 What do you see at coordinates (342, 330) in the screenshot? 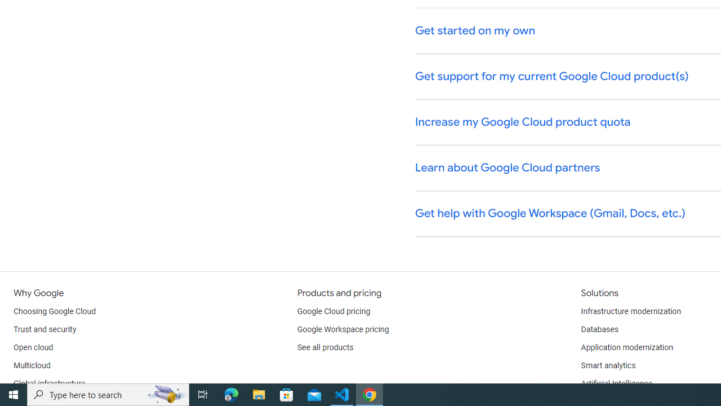
I see `'Google Workspace pricing'` at bounding box center [342, 330].